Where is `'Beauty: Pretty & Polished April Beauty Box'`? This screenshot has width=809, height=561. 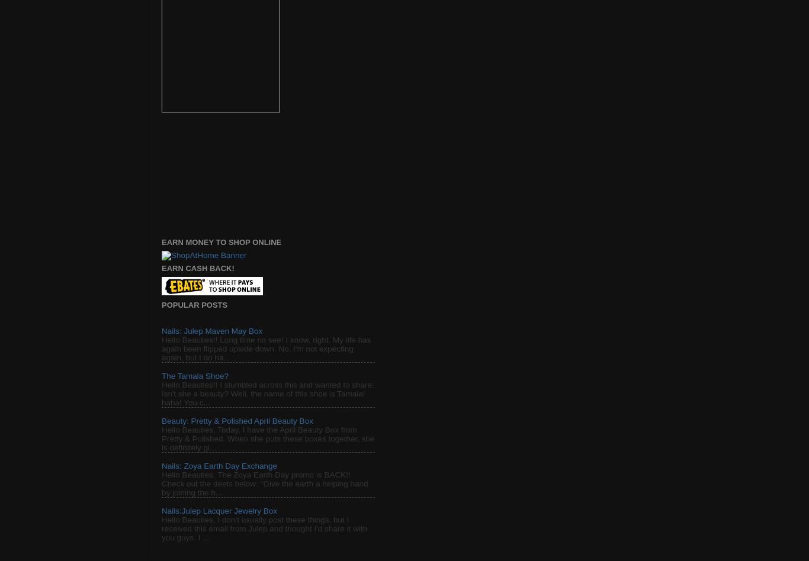
'Beauty: Pretty & Polished April Beauty Box' is located at coordinates (236, 420).